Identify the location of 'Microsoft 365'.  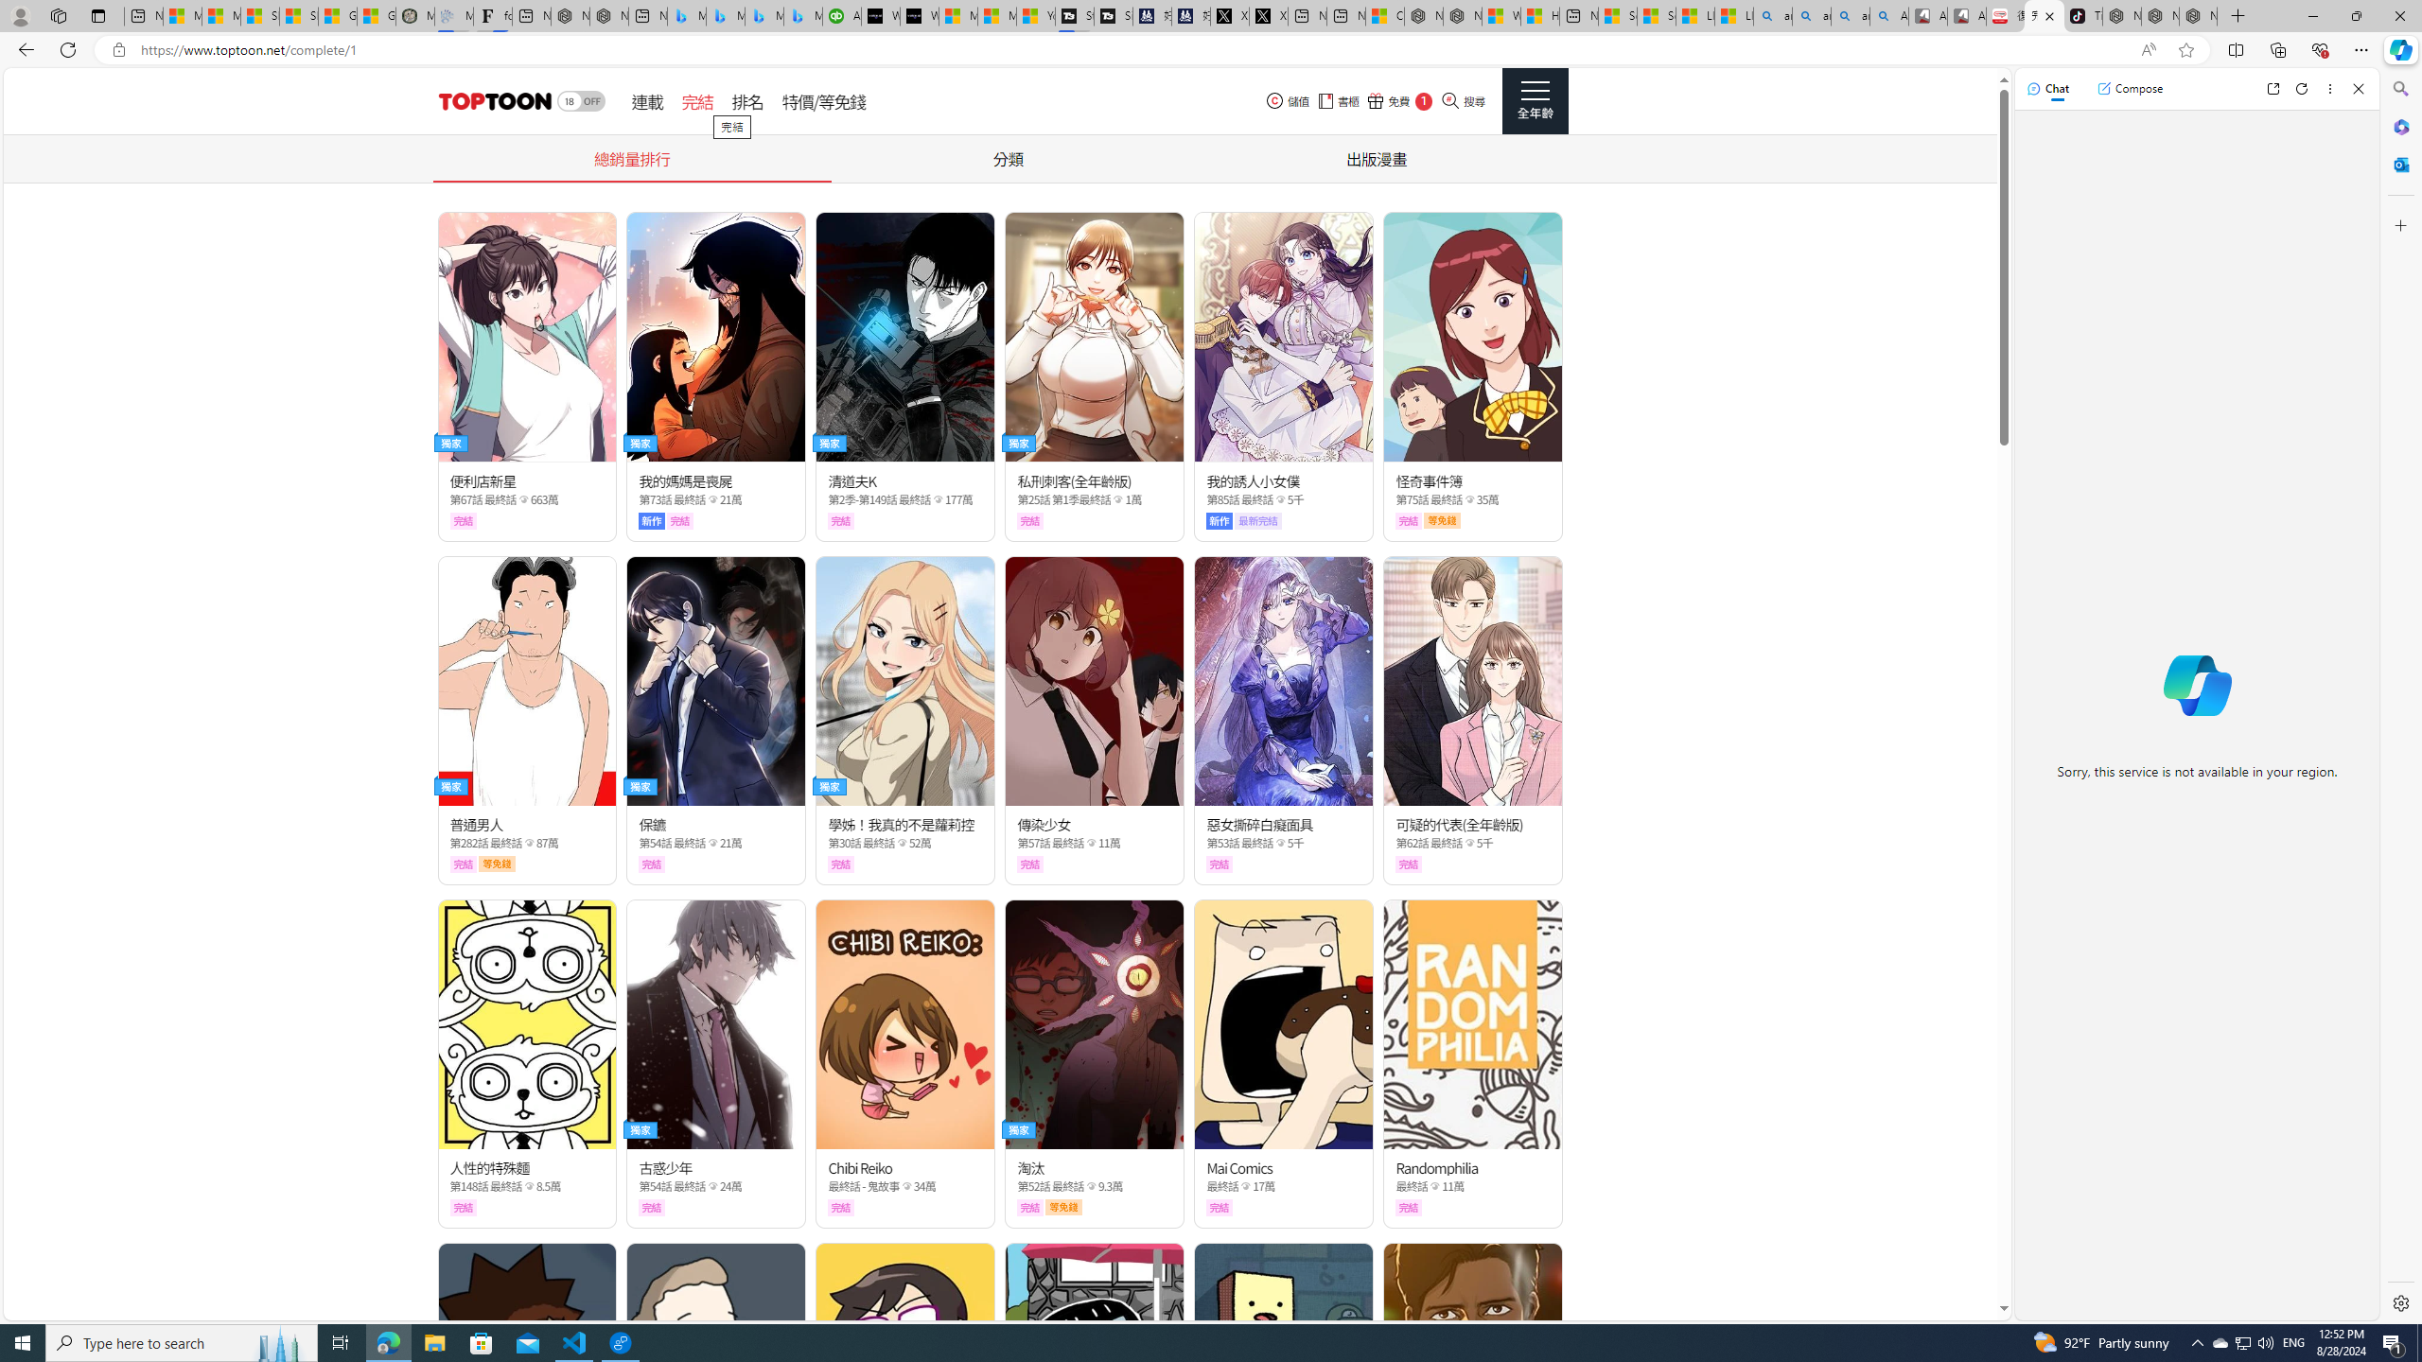
(2398, 127).